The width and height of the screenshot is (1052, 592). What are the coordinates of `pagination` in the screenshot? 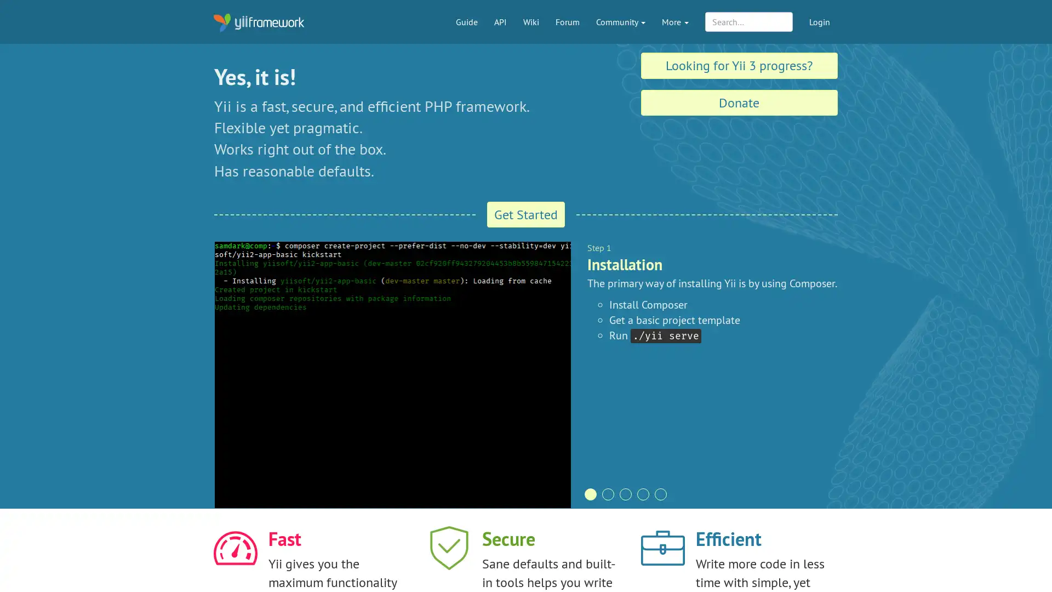 It's located at (643, 494).